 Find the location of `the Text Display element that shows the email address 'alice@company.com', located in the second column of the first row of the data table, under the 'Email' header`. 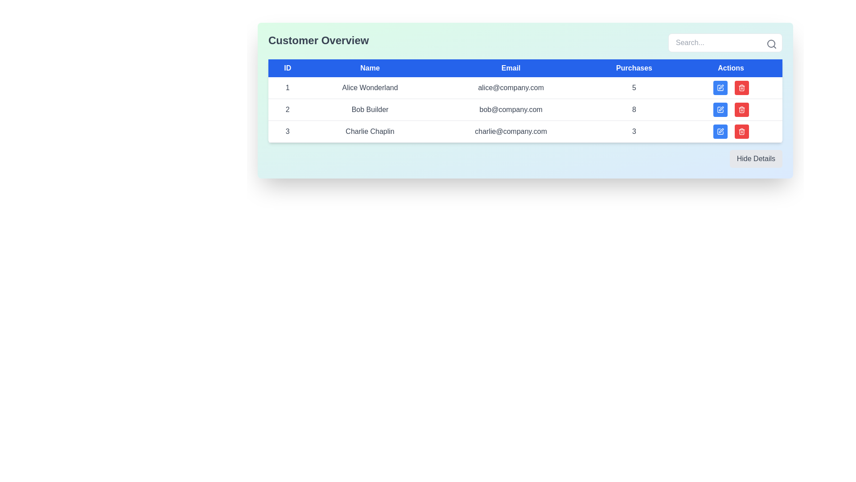

the Text Display element that shows the email address 'alice@company.com', located in the second column of the first row of the data table, under the 'Email' header is located at coordinates (511, 88).